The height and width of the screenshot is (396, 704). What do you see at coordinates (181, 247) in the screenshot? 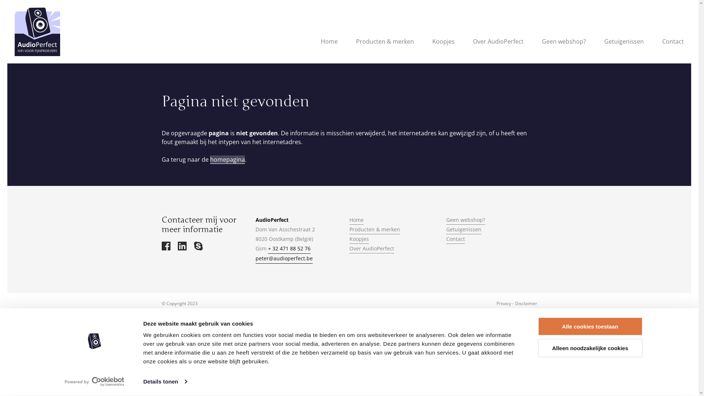
I see `'via LinkedIn'` at bounding box center [181, 247].